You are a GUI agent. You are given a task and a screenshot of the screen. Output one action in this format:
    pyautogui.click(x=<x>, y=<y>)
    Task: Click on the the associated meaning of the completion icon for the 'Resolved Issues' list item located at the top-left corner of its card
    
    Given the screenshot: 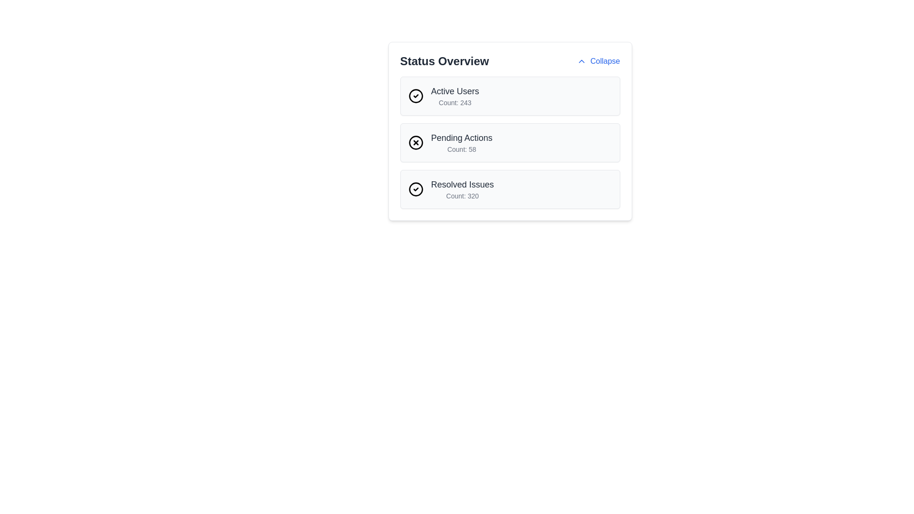 What is the action you would take?
    pyautogui.click(x=416, y=189)
    